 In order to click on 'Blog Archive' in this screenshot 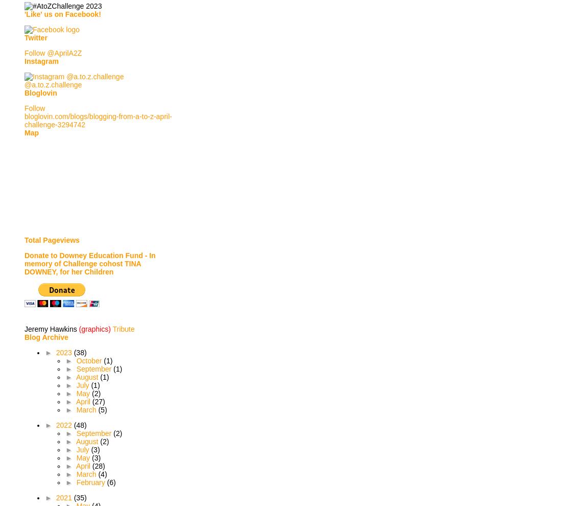, I will do `click(45, 337)`.